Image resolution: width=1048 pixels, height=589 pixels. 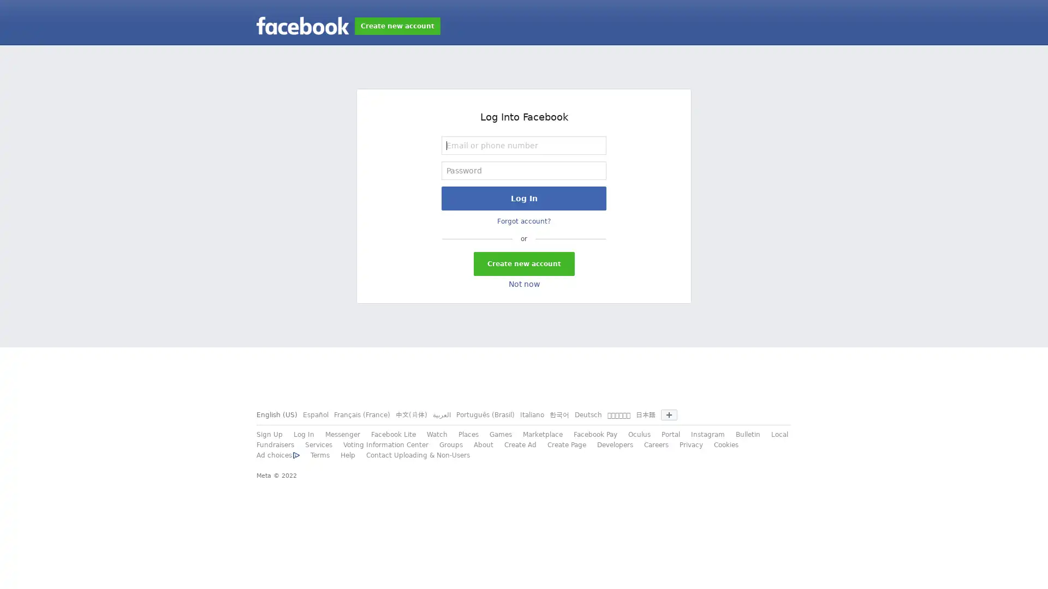 What do you see at coordinates (523, 263) in the screenshot?
I see `Create new account` at bounding box center [523, 263].